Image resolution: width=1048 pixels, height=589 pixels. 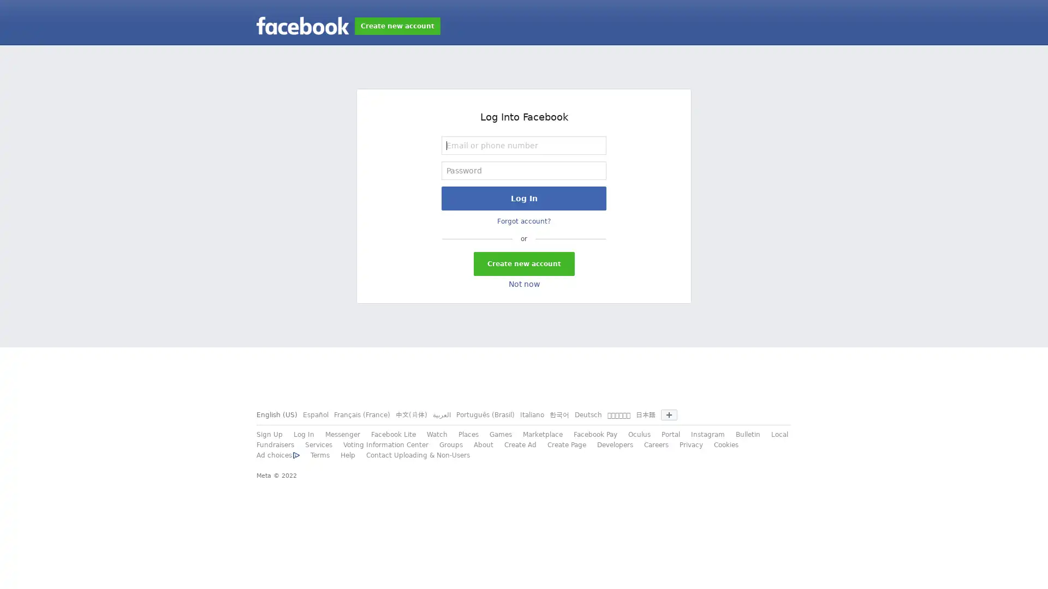 What do you see at coordinates (523, 263) in the screenshot?
I see `Create new account` at bounding box center [523, 263].